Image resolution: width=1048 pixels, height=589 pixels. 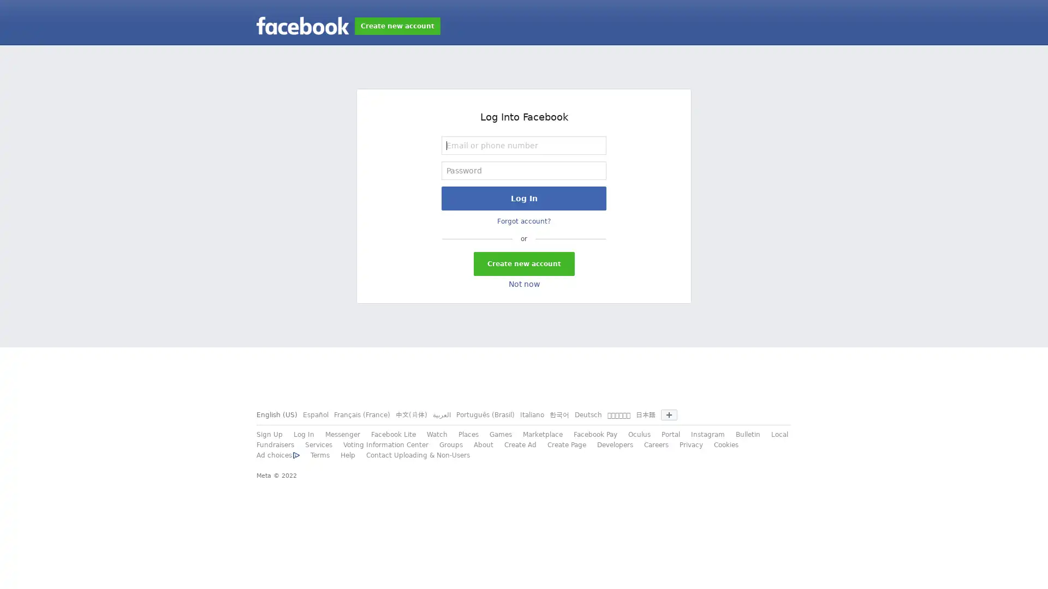 What do you see at coordinates (523, 263) in the screenshot?
I see `Create new account` at bounding box center [523, 263].